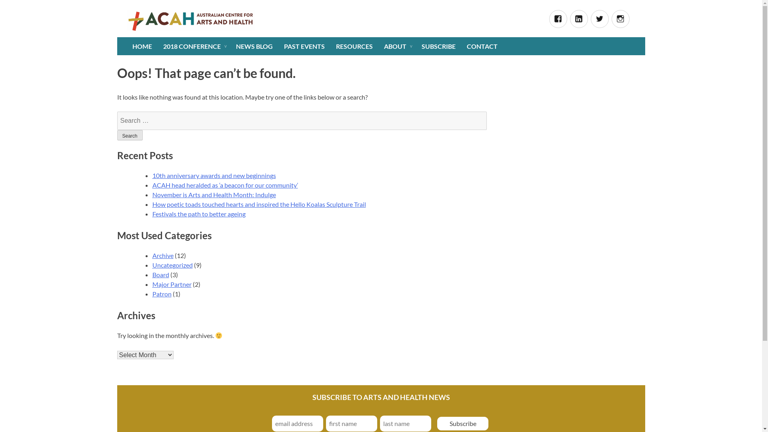 This screenshot has width=768, height=432. What do you see at coordinates (557, 18) in the screenshot?
I see `'Facebook'` at bounding box center [557, 18].